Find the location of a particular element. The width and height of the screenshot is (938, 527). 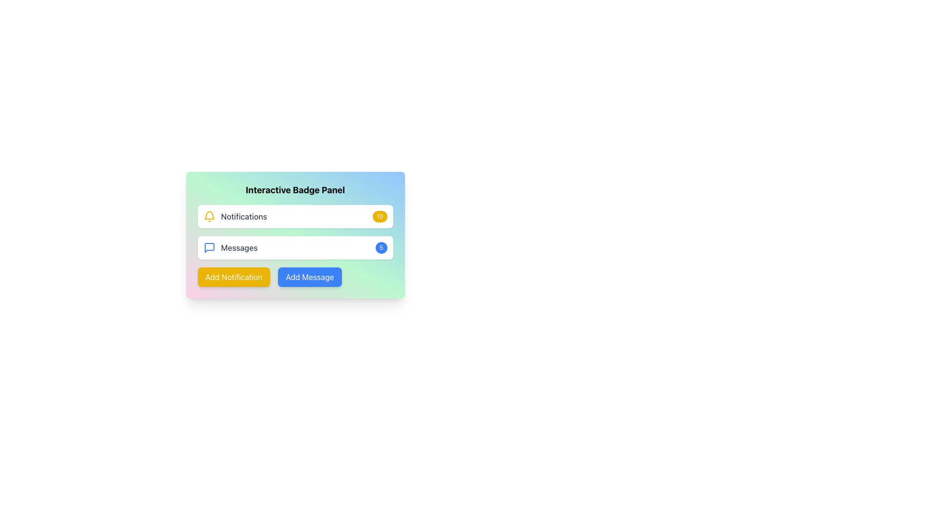

the 'Messages' text label, which is located to the right of the speech bubble icon in the second row of the 'Interactive Badge Panel' is located at coordinates (239, 247).